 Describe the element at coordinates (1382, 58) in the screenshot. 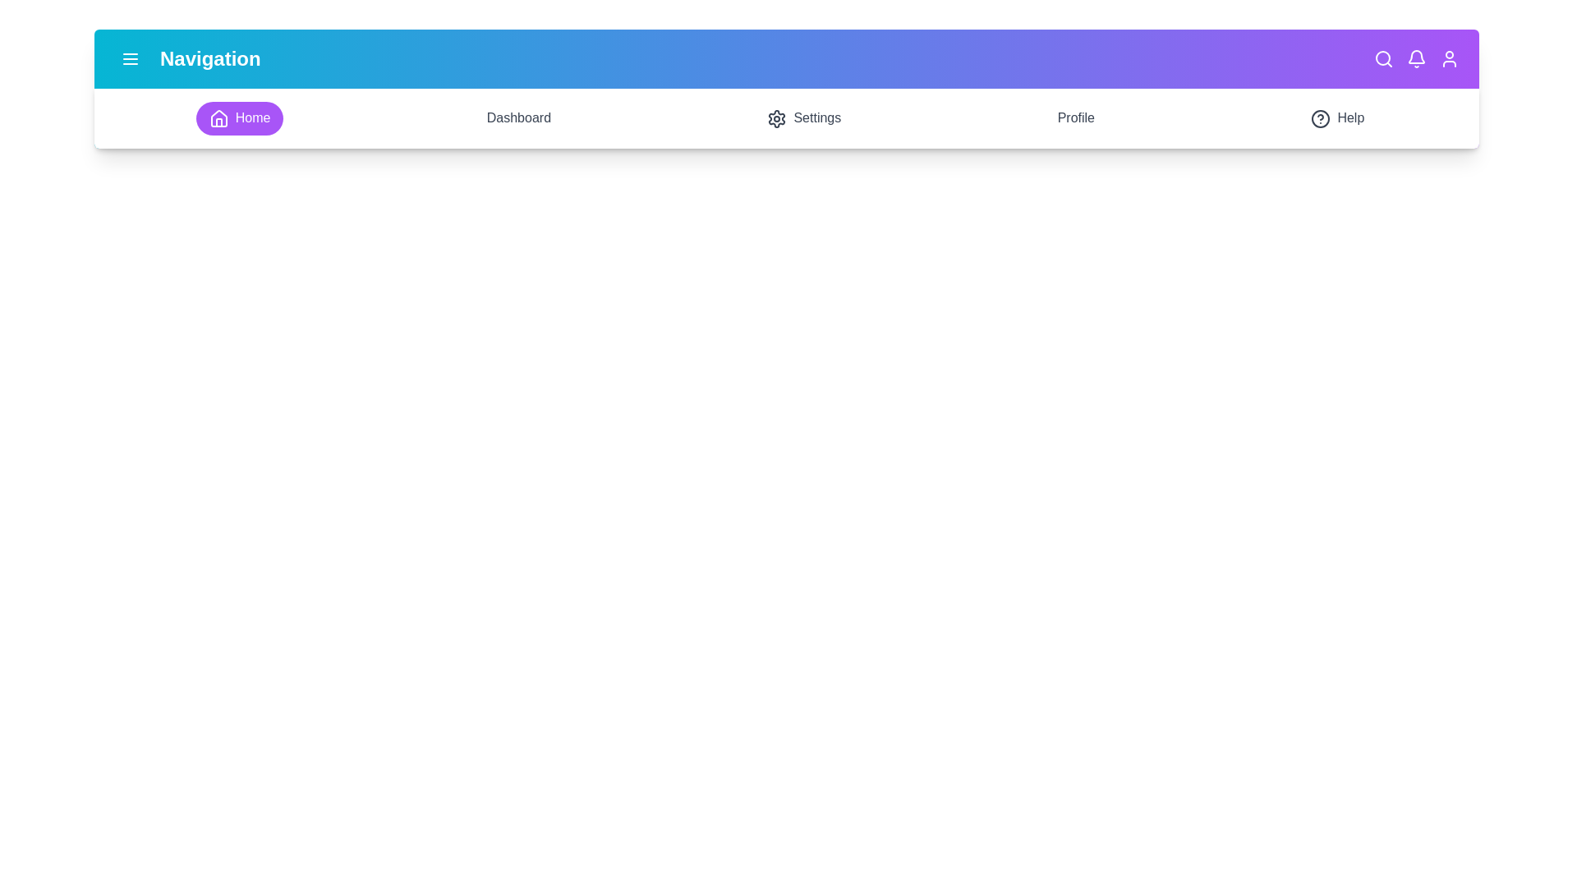

I see `the search icon in the navigation bar` at that location.